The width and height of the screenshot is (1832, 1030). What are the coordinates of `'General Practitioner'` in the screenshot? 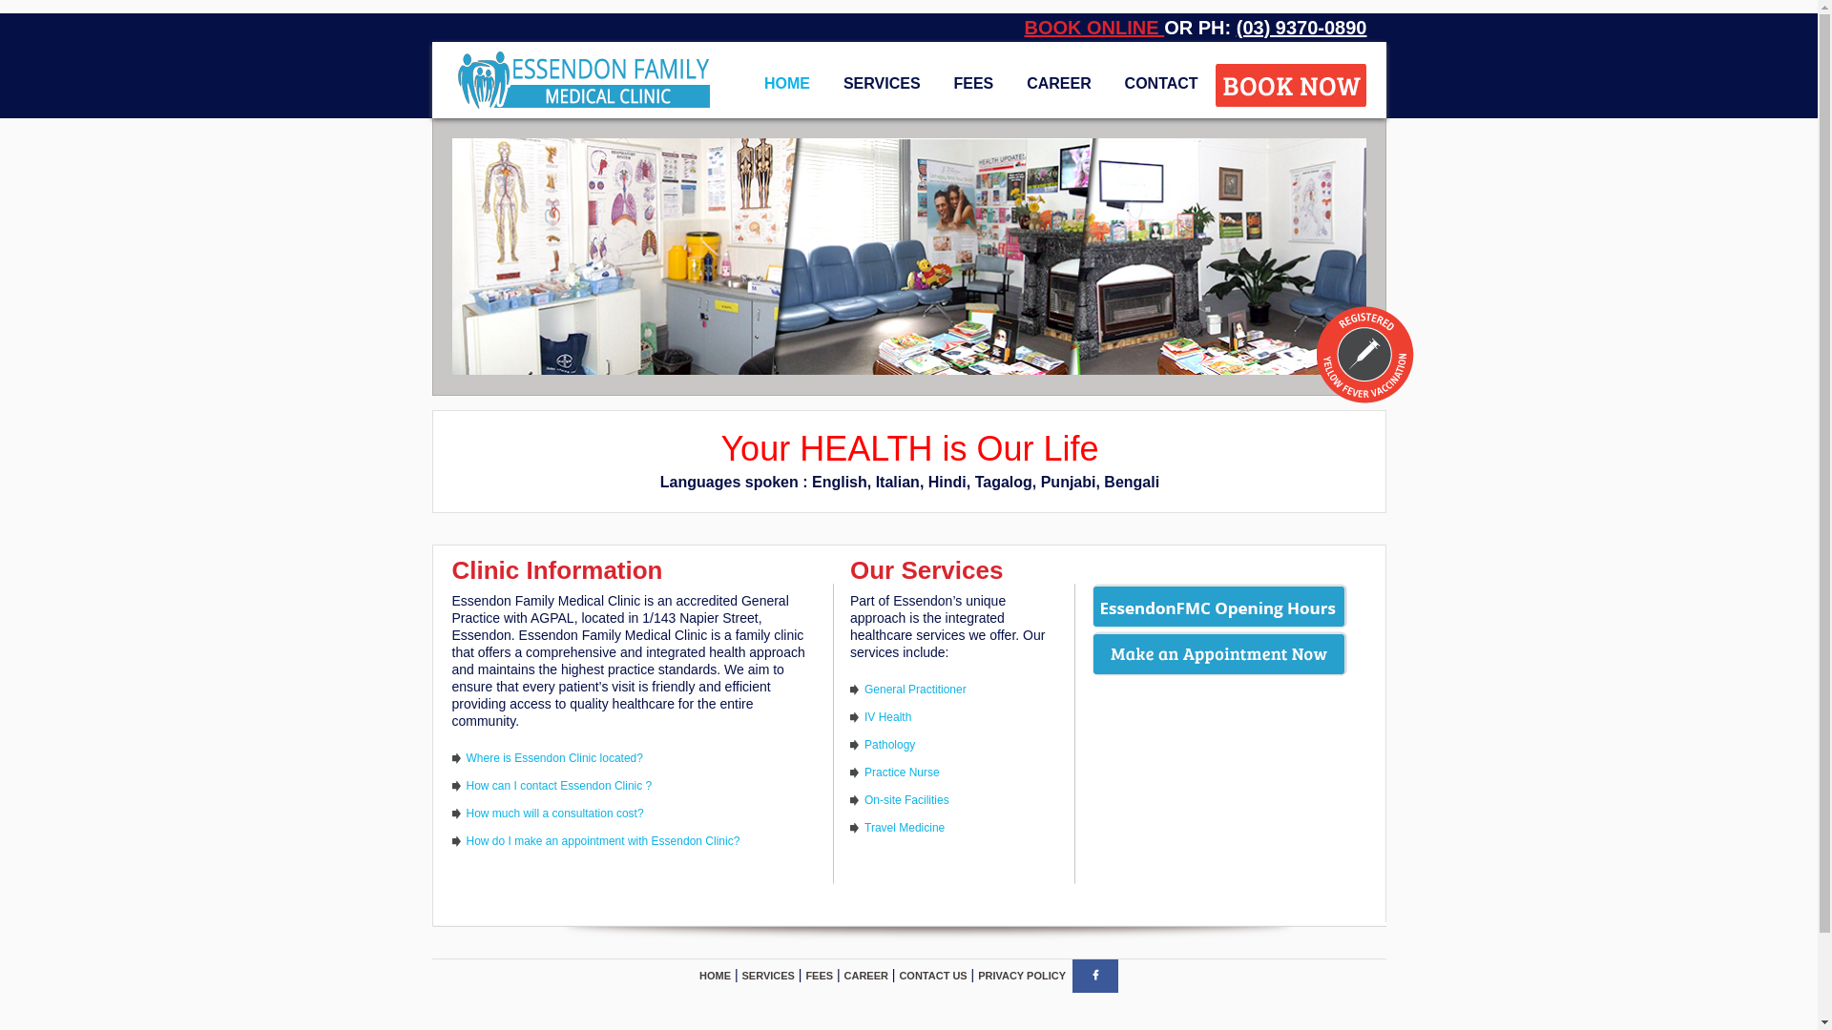 It's located at (914, 689).